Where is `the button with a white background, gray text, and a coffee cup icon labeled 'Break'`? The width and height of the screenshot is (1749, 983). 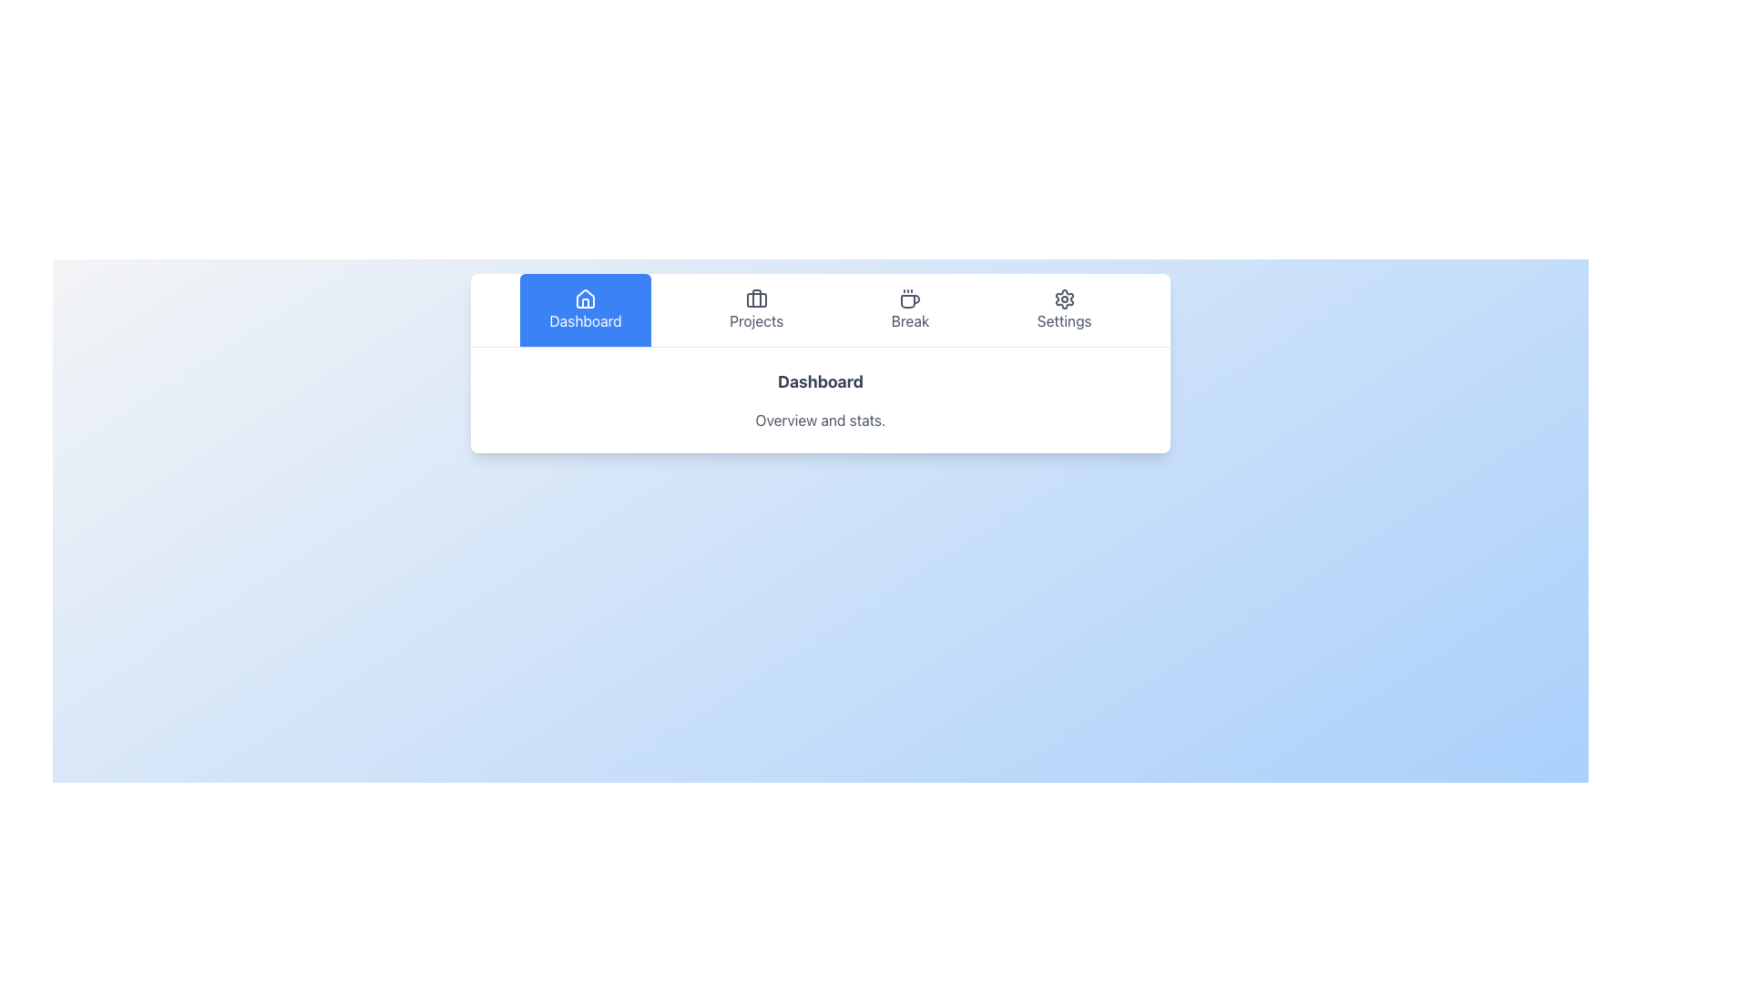 the button with a white background, gray text, and a coffee cup icon labeled 'Break' is located at coordinates (910, 309).